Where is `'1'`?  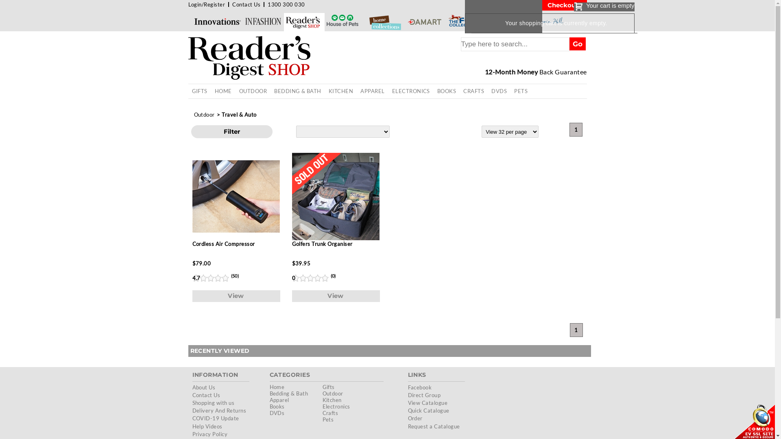 '1' is located at coordinates (576, 330).